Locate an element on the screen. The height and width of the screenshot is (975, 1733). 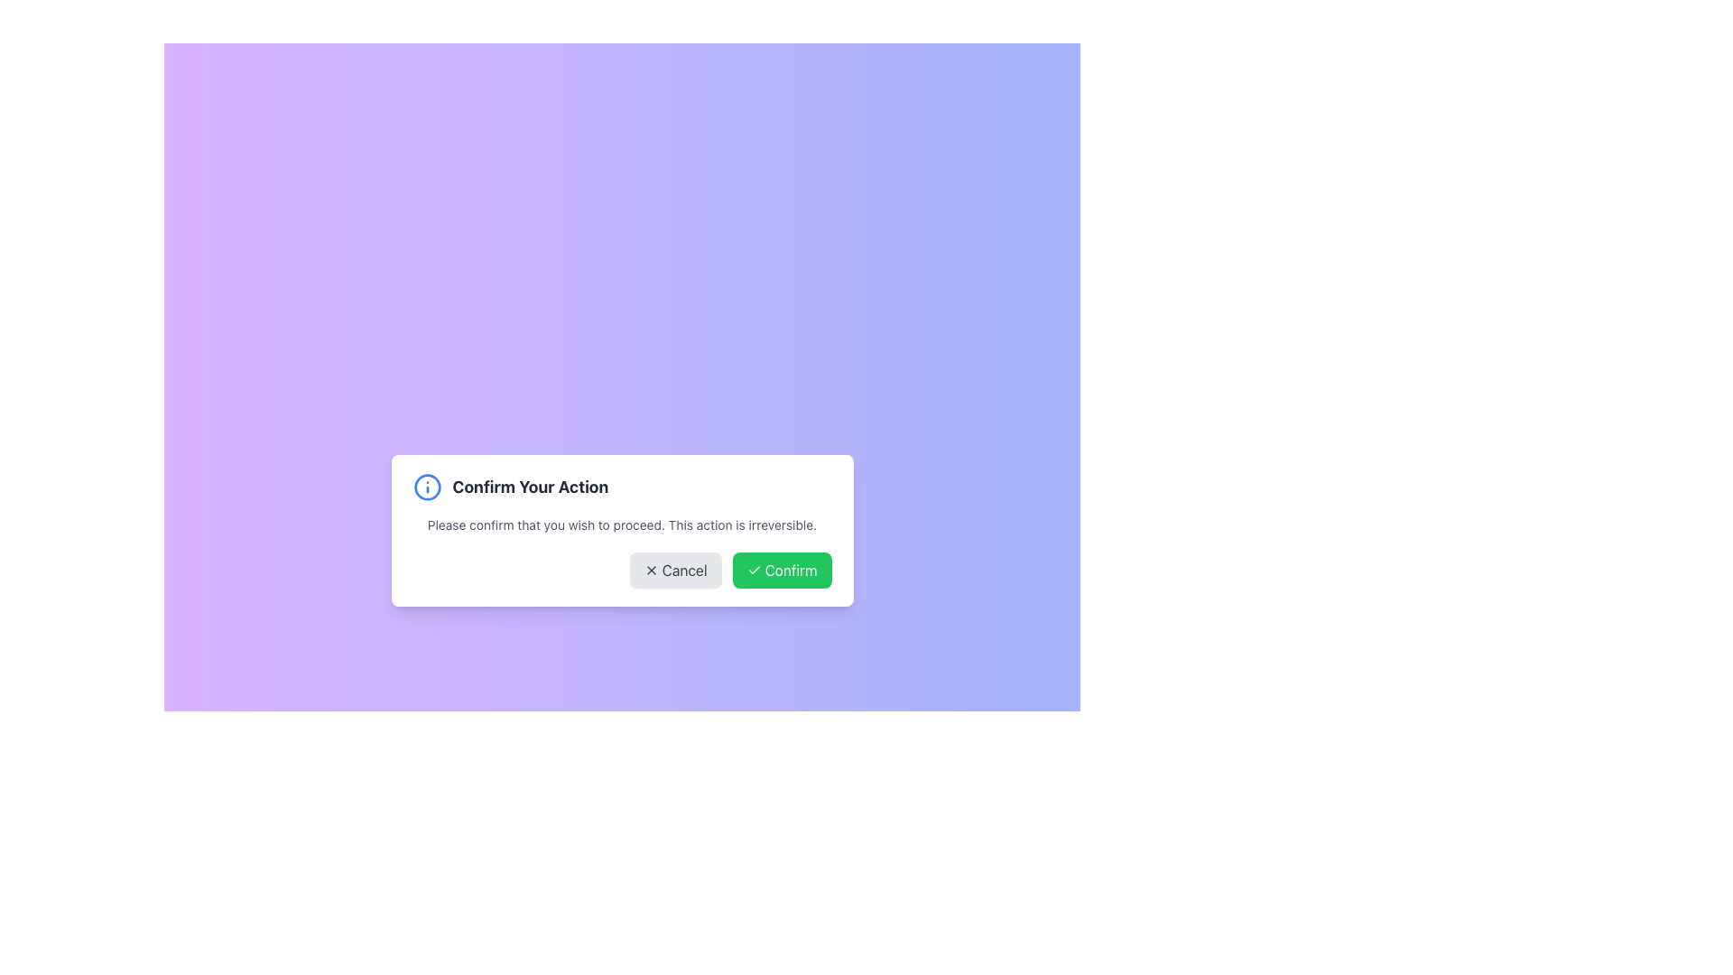
the 'Cancel' button by targeting the small 'X' icon located to the left of the 'Cancel' text is located at coordinates (650, 571).